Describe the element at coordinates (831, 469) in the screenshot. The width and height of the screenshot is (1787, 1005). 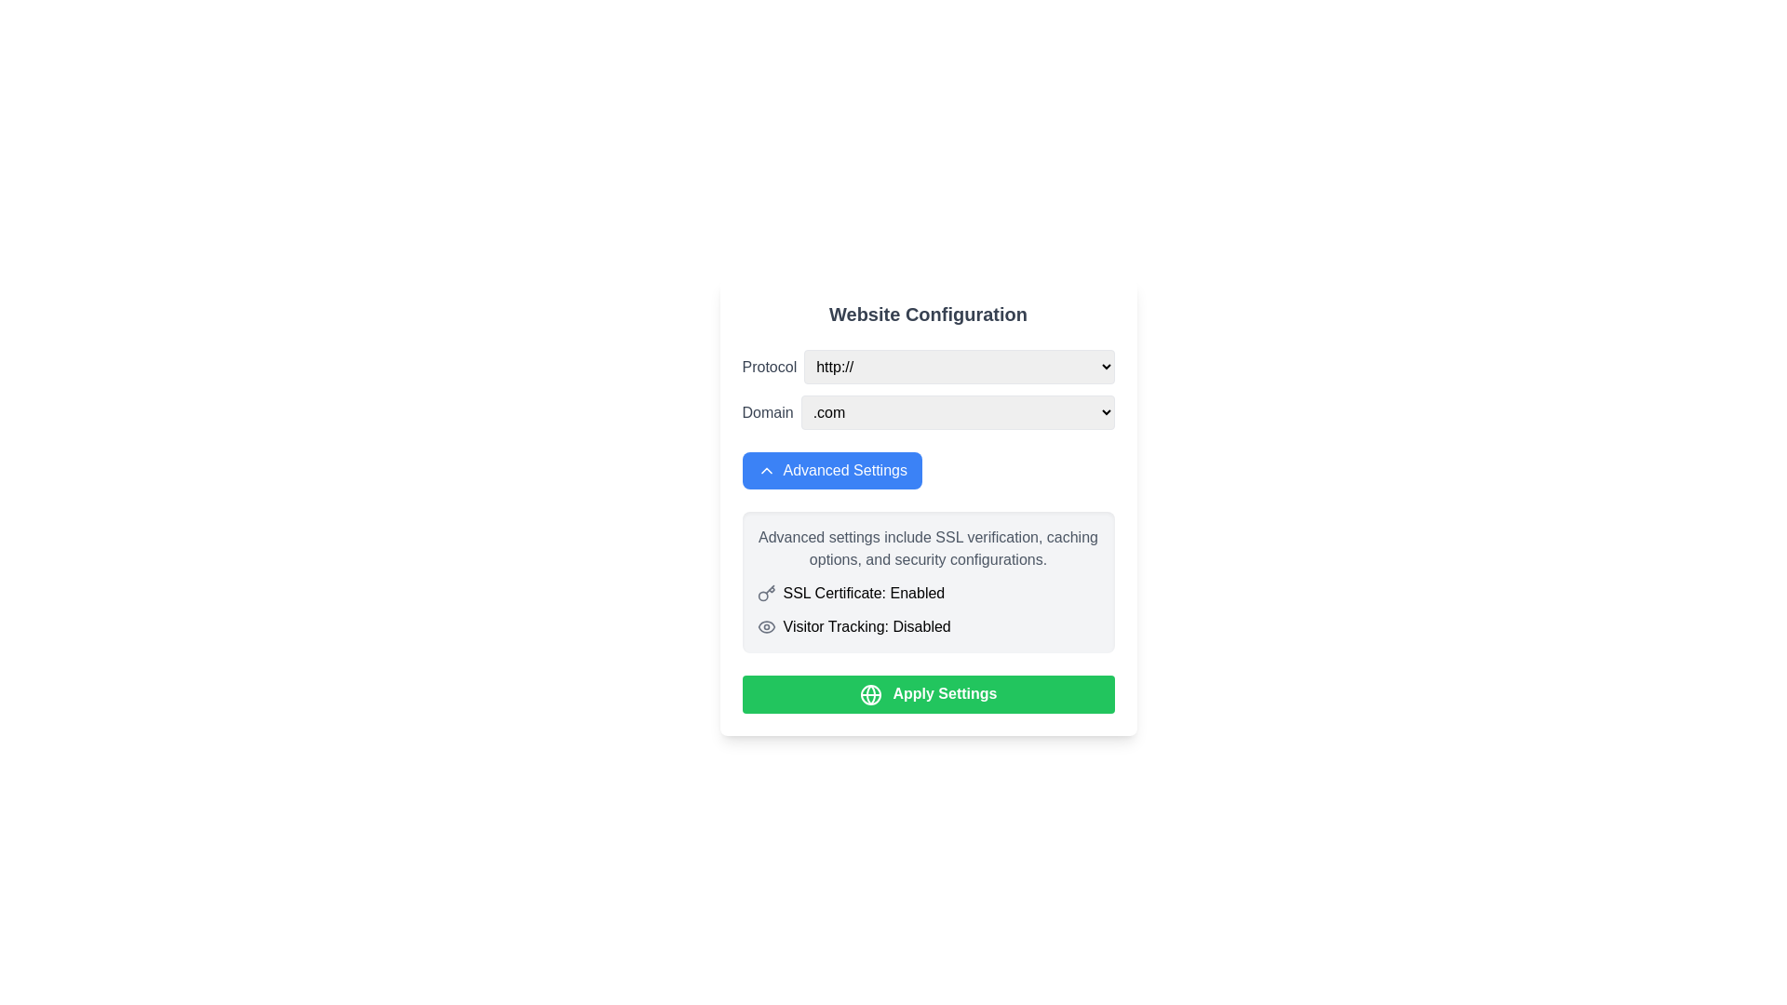
I see `the button labeled 'Advanced Settings' with a blue background and white text` at that location.